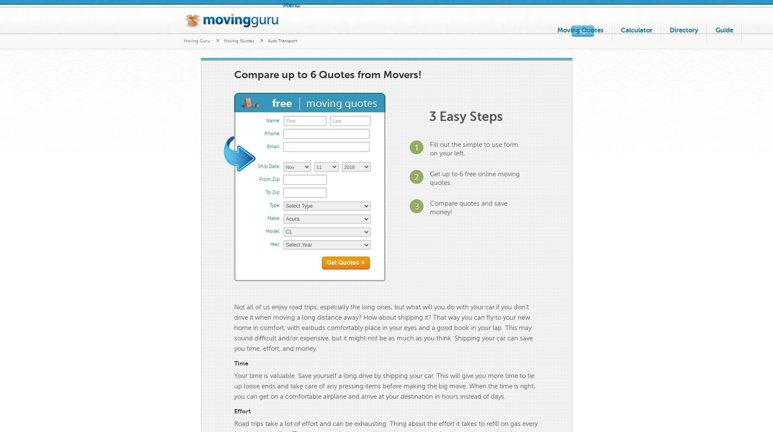 This screenshot has width=773, height=432. Describe the element at coordinates (272, 231) in the screenshot. I see `'Model:'` at that location.